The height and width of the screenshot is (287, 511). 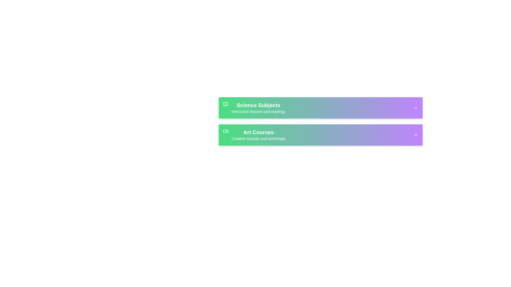 I want to click on the Label with subtitle that displays 'Art Courses' in bold white font and 'Creative tutorials and workshops' below it, which is set against a gradient background transitioning from green to purple, so click(x=258, y=135).